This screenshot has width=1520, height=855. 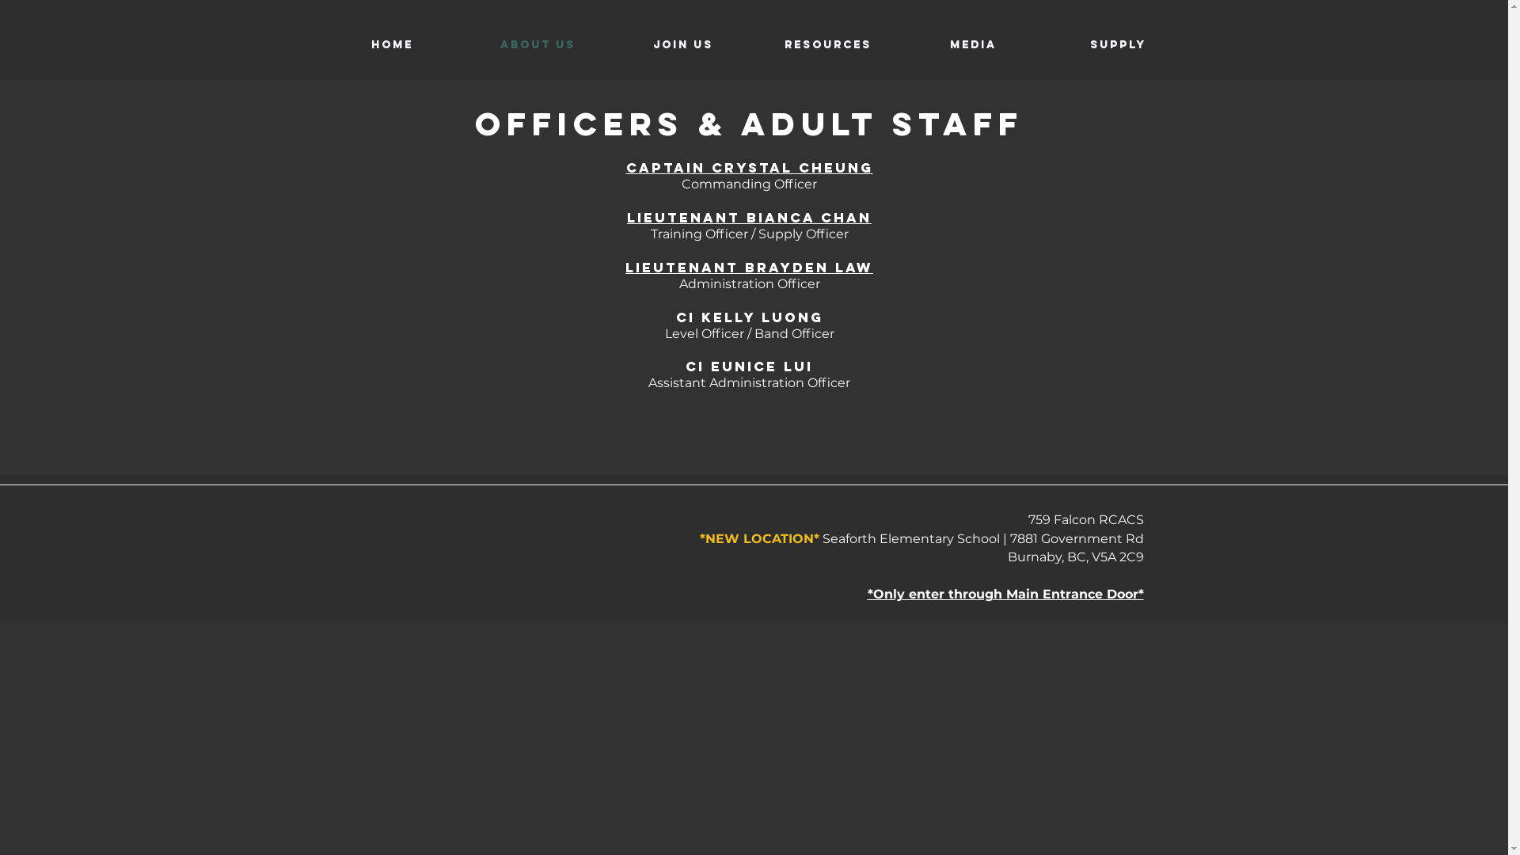 I want to click on 'Join us', so click(x=610, y=44).